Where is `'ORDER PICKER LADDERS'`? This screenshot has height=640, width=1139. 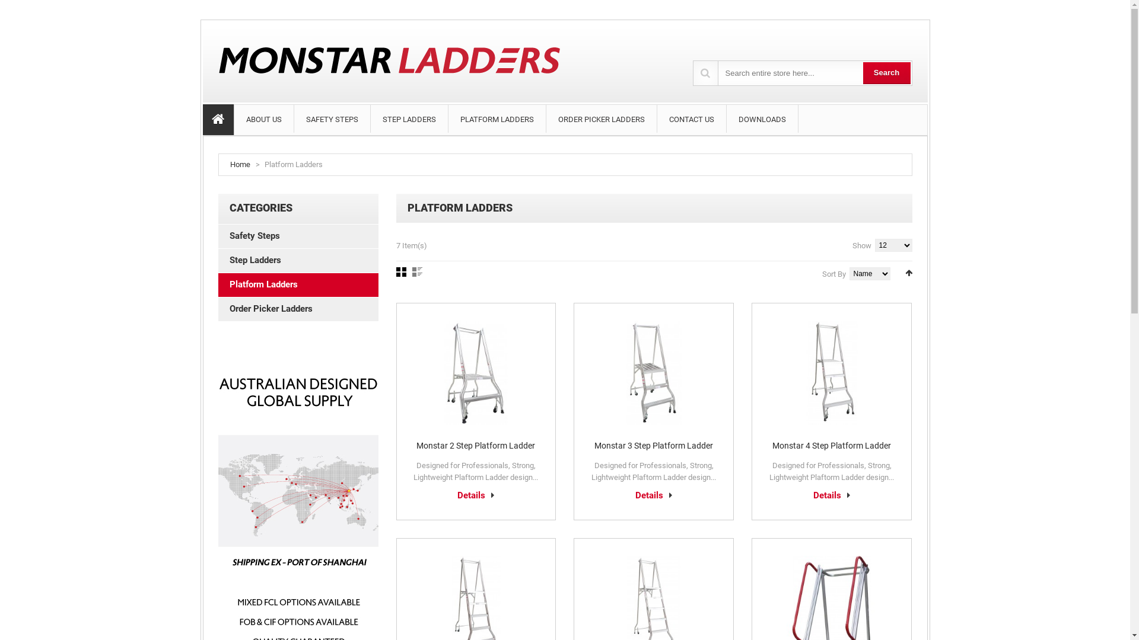 'ORDER PICKER LADDERS' is located at coordinates (600, 119).